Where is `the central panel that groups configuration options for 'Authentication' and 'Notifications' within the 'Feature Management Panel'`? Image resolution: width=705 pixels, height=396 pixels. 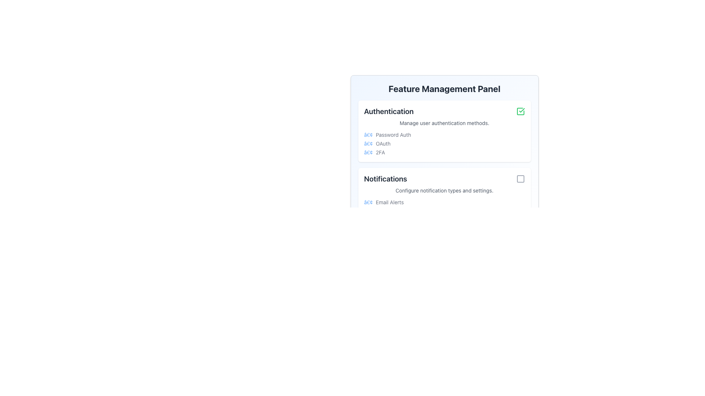 the central panel that groups configuration options for 'Authentication' and 'Notifications' within the 'Feature Management Panel' is located at coordinates (444, 165).